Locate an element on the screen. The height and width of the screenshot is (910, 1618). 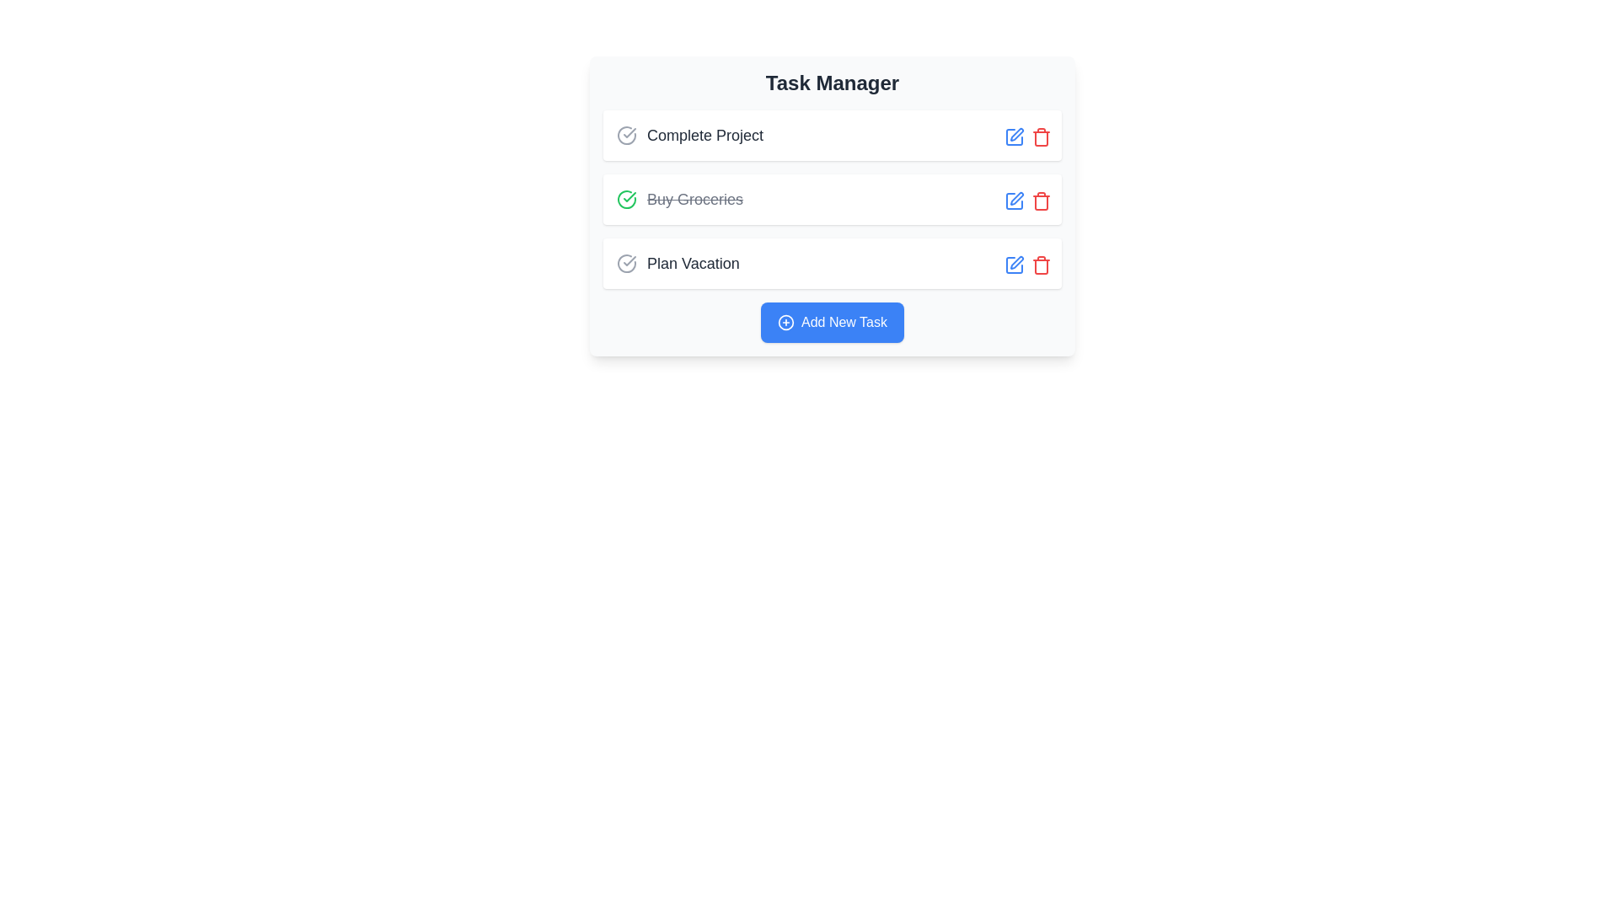
the blue pen icon in the action buttons row is located at coordinates (1026, 135).